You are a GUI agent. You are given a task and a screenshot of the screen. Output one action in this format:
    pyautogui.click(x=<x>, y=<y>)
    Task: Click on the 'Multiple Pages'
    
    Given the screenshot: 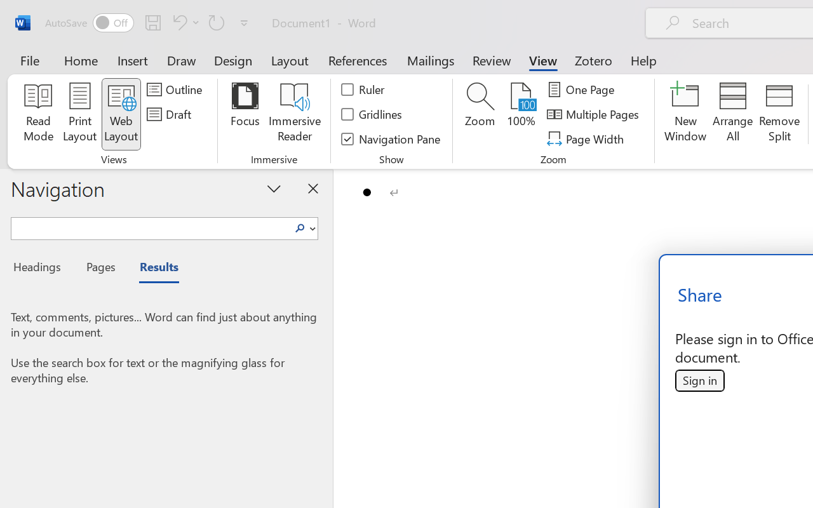 What is the action you would take?
    pyautogui.click(x=594, y=114)
    